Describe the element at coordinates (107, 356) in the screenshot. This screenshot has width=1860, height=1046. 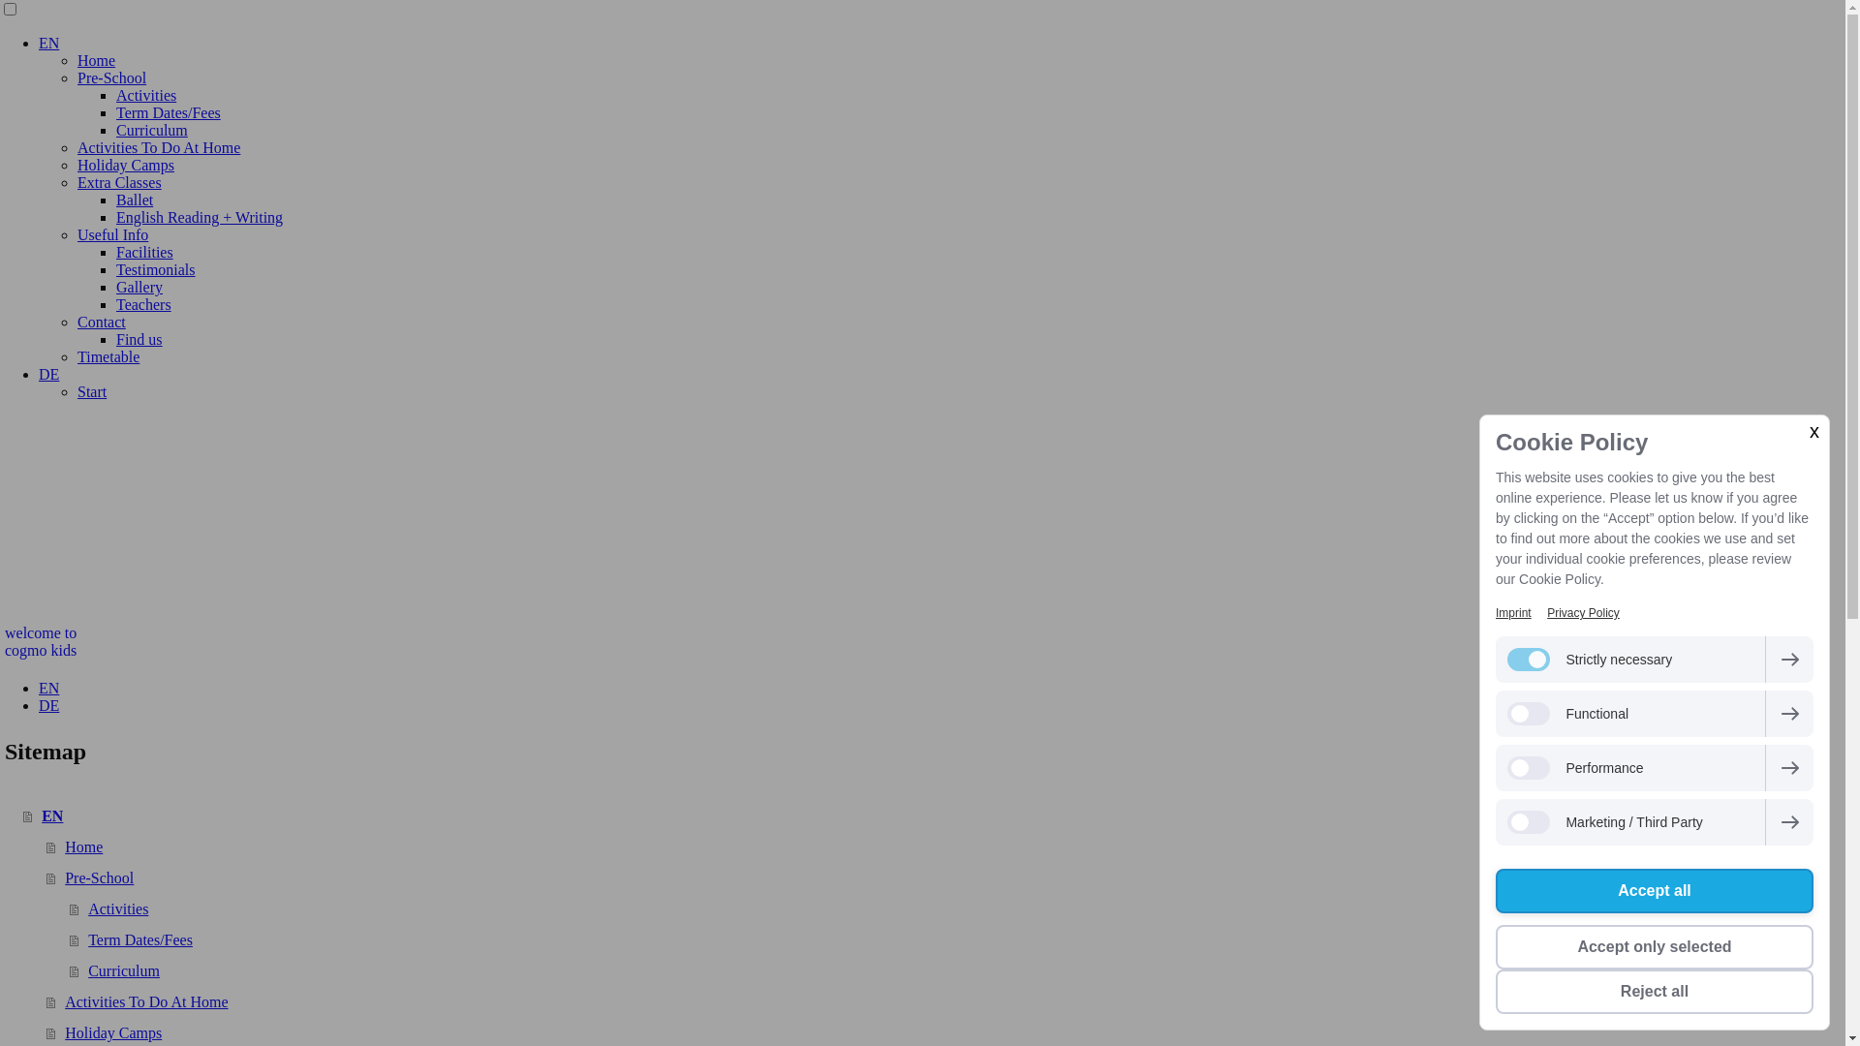
I see `'Timetable'` at that location.